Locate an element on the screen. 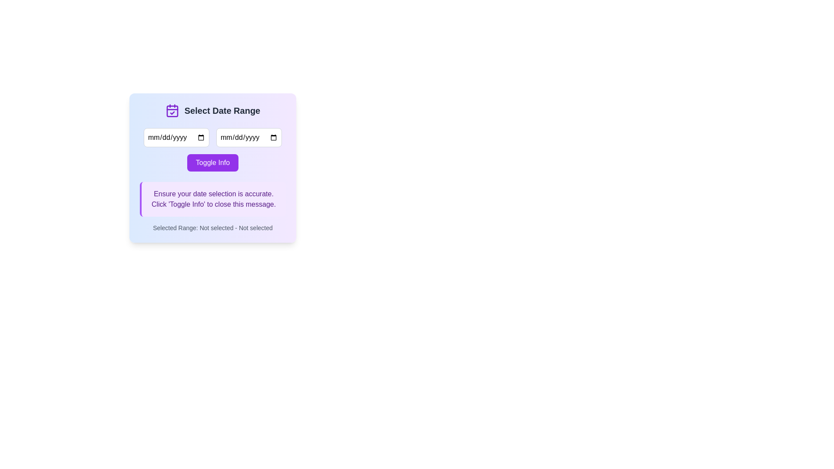 This screenshot has width=834, height=469. the purple-colored calendar icon with a checkmark, located to the left of the 'Select Date Range' text is located at coordinates (172, 110).